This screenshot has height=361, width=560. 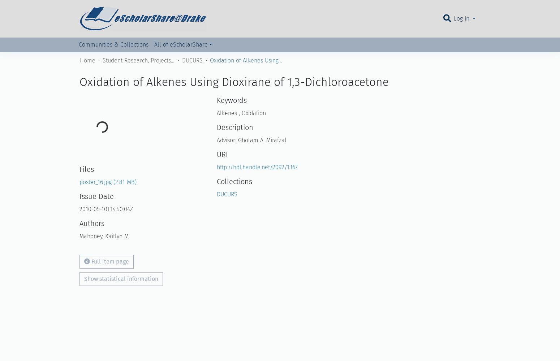 I want to click on '2010-05-10T14:50:04Z', so click(x=106, y=209).